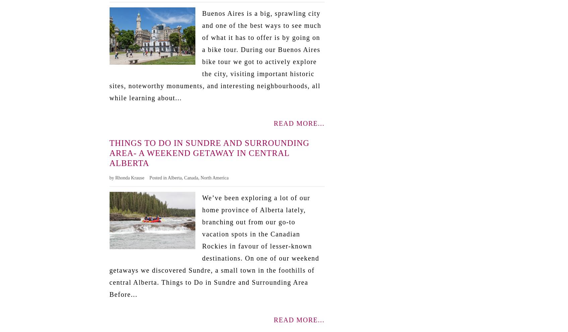  I want to click on 'Rhonda Krause', so click(129, 177).